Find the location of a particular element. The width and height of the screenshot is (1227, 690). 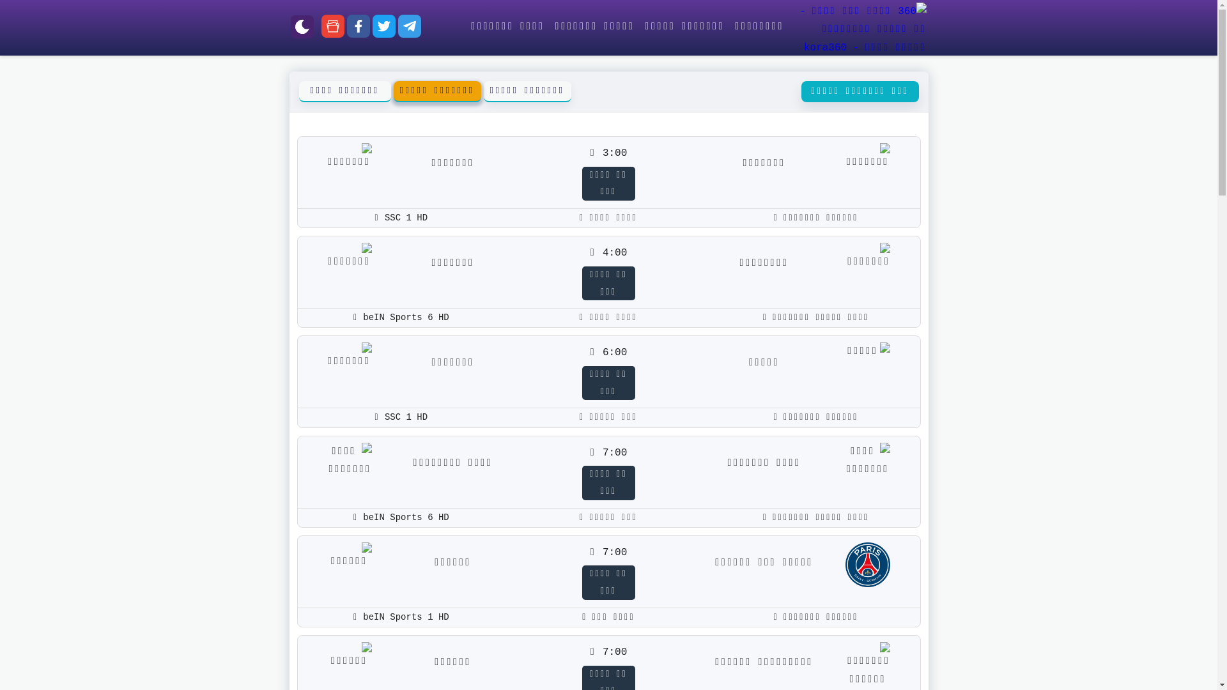

'google-news' is located at coordinates (333, 29).